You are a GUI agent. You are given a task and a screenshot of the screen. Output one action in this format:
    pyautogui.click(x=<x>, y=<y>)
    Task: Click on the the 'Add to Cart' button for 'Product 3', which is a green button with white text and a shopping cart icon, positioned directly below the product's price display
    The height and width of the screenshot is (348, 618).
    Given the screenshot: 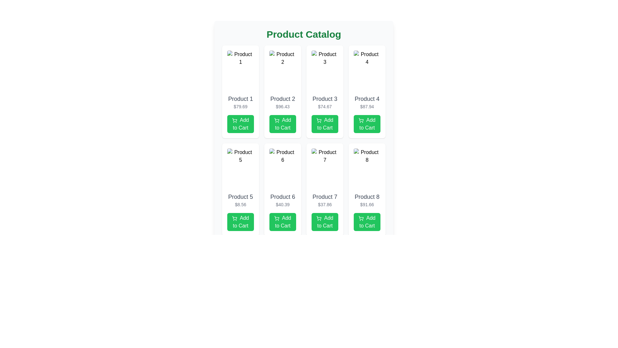 What is the action you would take?
    pyautogui.click(x=325, y=124)
    